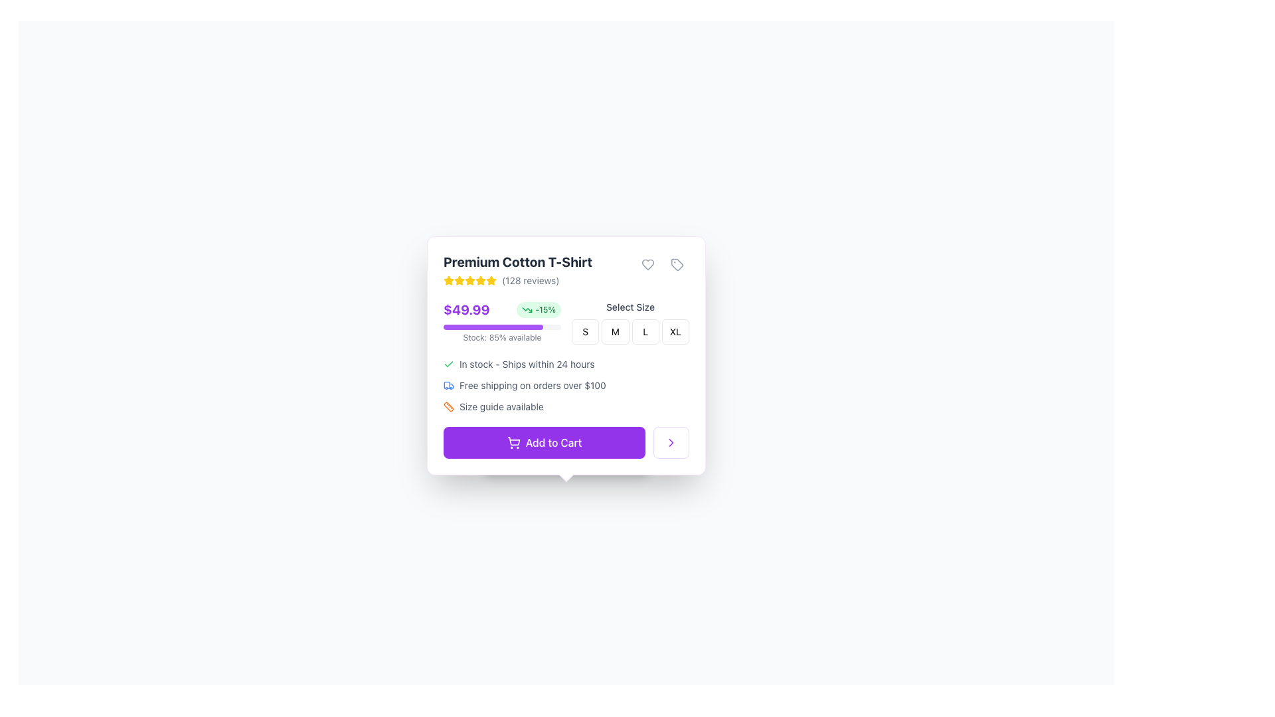 This screenshot has width=1275, height=717. What do you see at coordinates (630, 323) in the screenshot?
I see `the 'M' size button in the 'Select Size' section of the grouped selectable button set` at bounding box center [630, 323].